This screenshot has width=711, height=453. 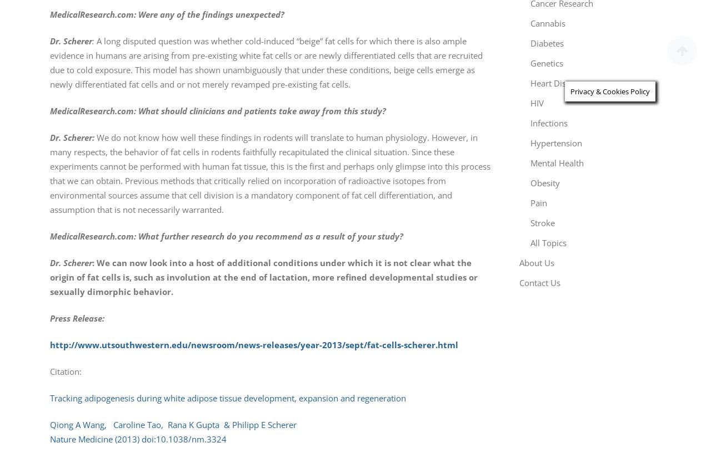 I want to click on 'Heart Disease', so click(x=557, y=83).